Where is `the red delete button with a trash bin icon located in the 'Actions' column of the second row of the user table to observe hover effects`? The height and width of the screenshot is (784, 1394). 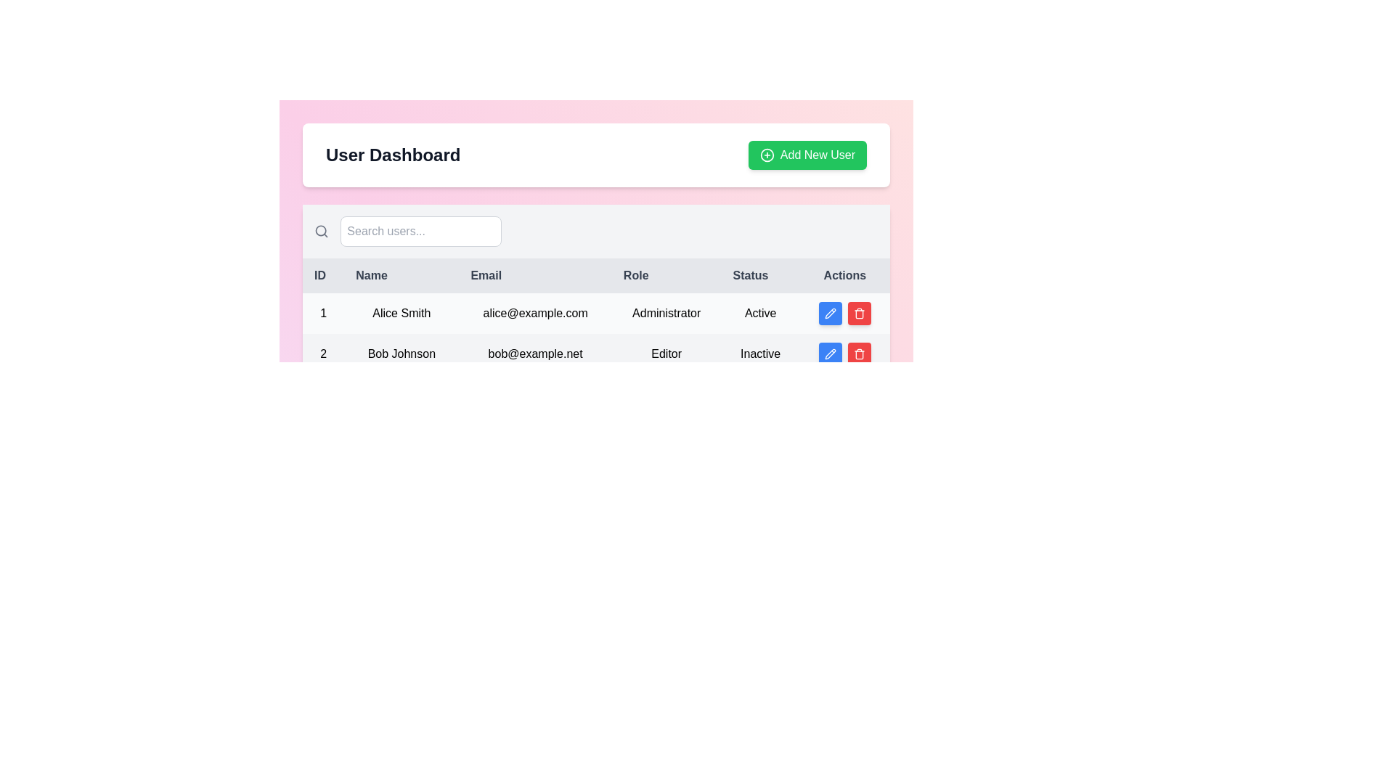 the red delete button with a trash bin icon located in the 'Actions' column of the second row of the user table to observe hover effects is located at coordinates (859, 354).